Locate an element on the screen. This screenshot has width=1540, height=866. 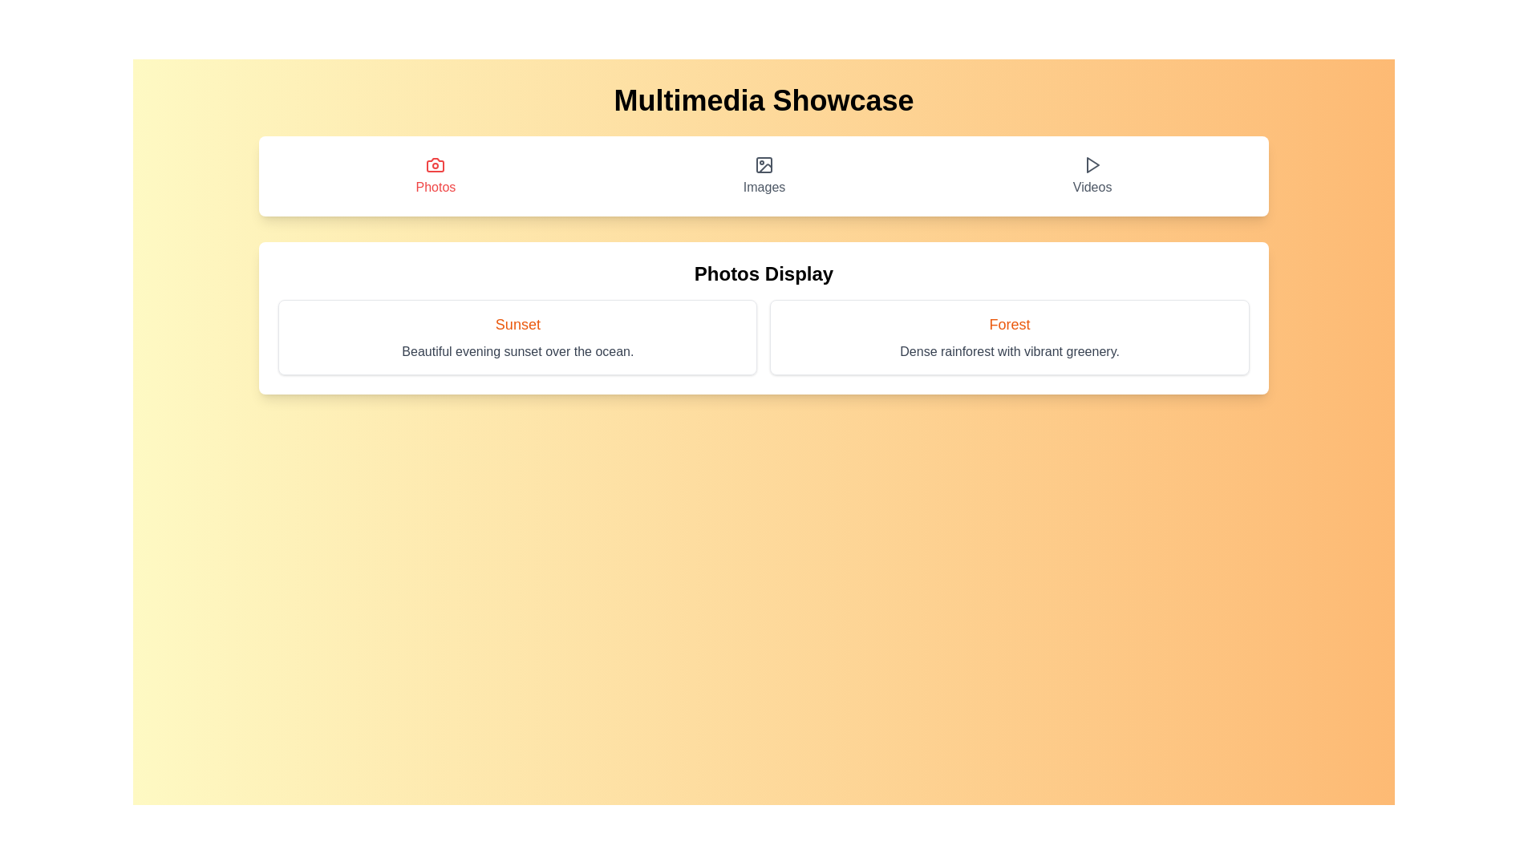
the 'Forest' card component, which features a bold orange title and a descriptive gray text, located in the second column of the 'Photos Display' section is located at coordinates (1009, 336).